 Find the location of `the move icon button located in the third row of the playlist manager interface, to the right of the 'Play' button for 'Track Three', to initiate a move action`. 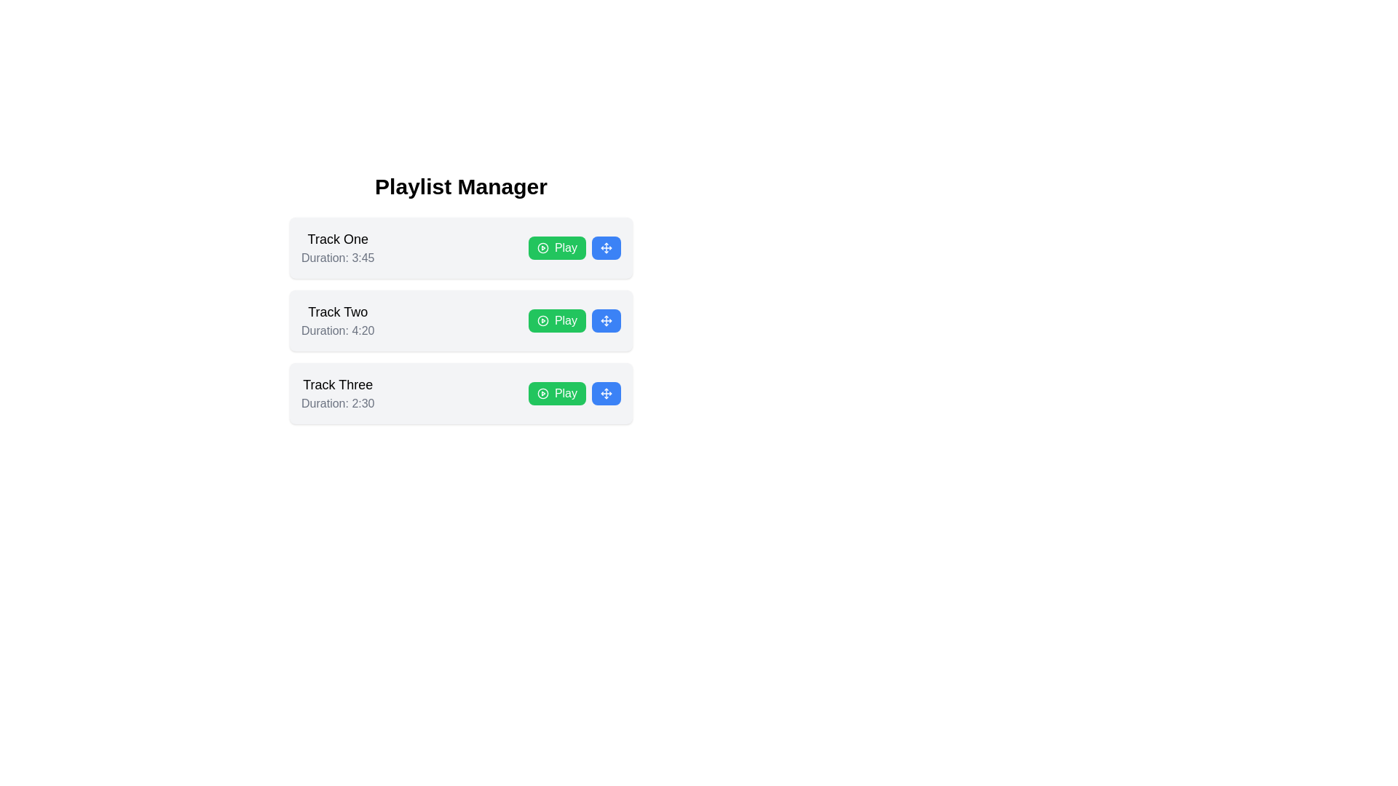

the move icon button located in the third row of the playlist manager interface, to the right of the 'Play' button for 'Track Three', to initiate a move action is located at coordinates (607, 393).